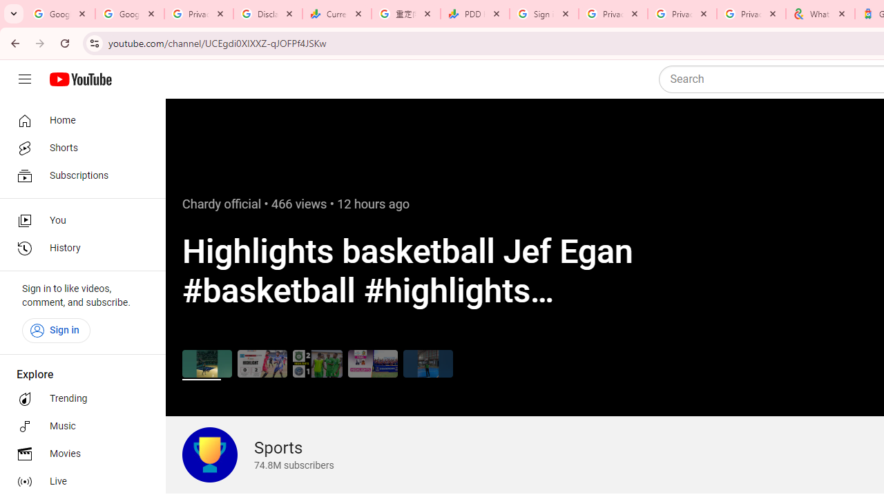 The width and height of the screenshot is (884, 497). Describe the element at coordinates (77, 454) in the screenshot. I see `'Movies'` at that location.